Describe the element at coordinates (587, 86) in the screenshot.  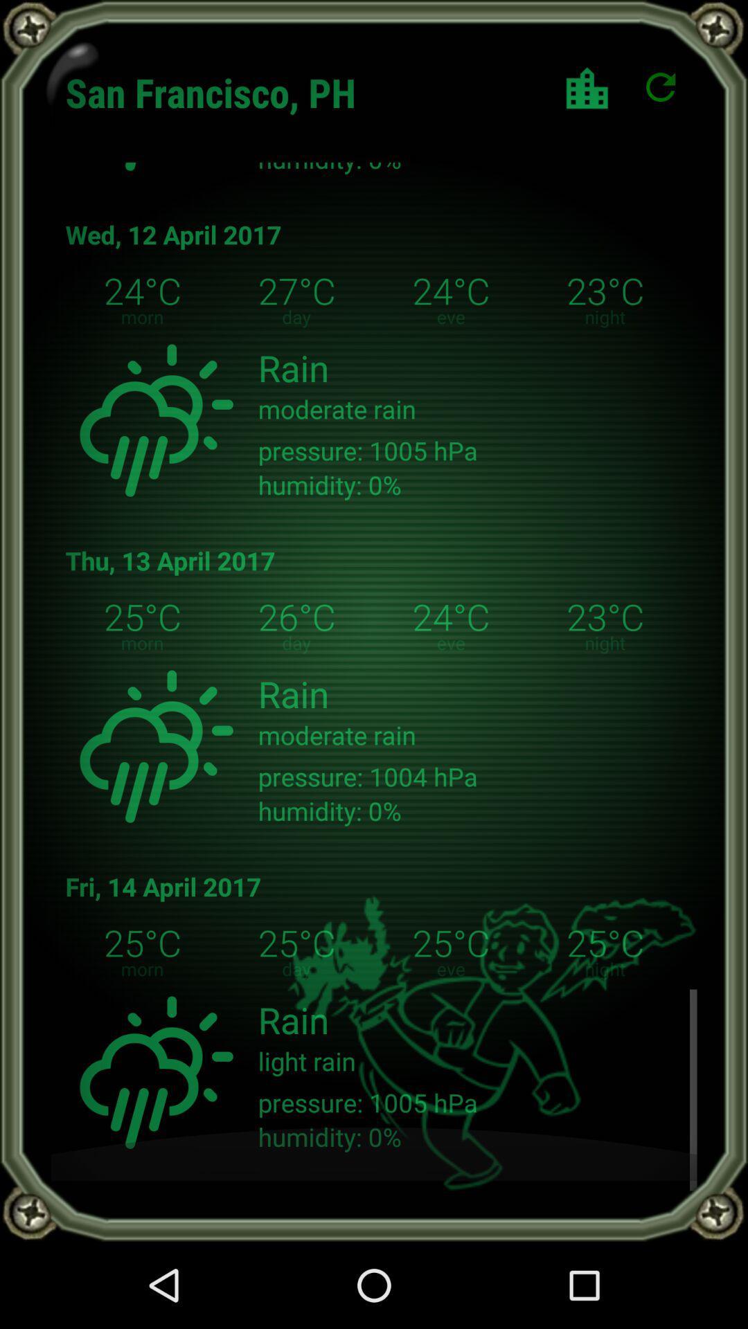
I see `the shop icon` at that location.